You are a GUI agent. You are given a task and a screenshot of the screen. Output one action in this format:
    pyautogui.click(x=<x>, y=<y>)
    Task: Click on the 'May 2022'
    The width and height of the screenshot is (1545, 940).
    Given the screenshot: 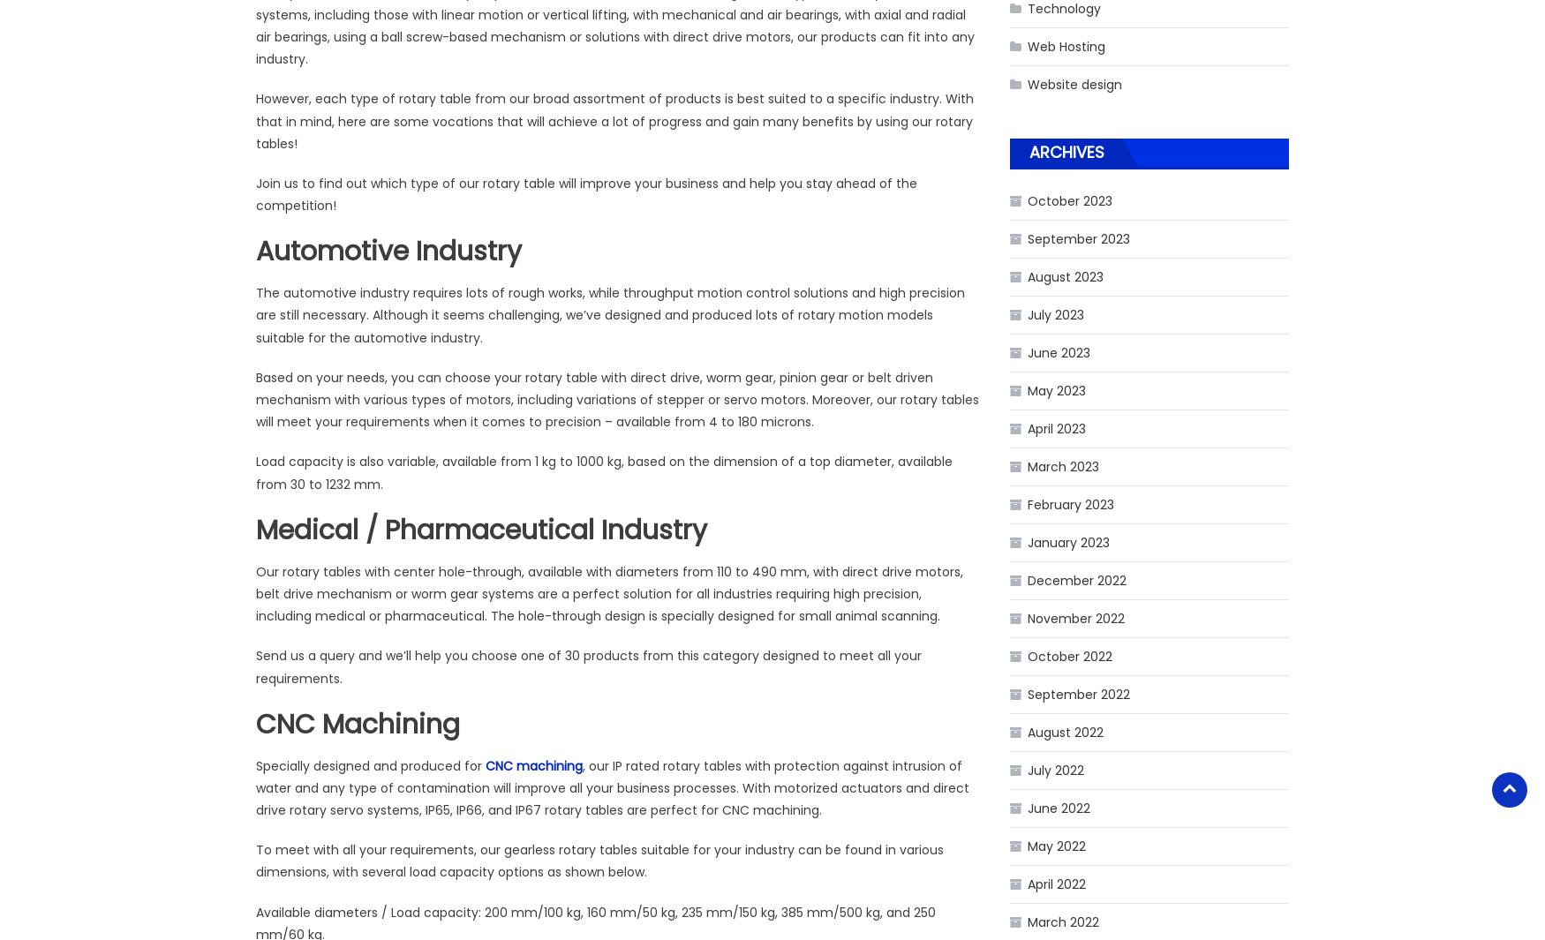 What is the action you would take?
    pyautogui.click(x=1057, y=846)
    